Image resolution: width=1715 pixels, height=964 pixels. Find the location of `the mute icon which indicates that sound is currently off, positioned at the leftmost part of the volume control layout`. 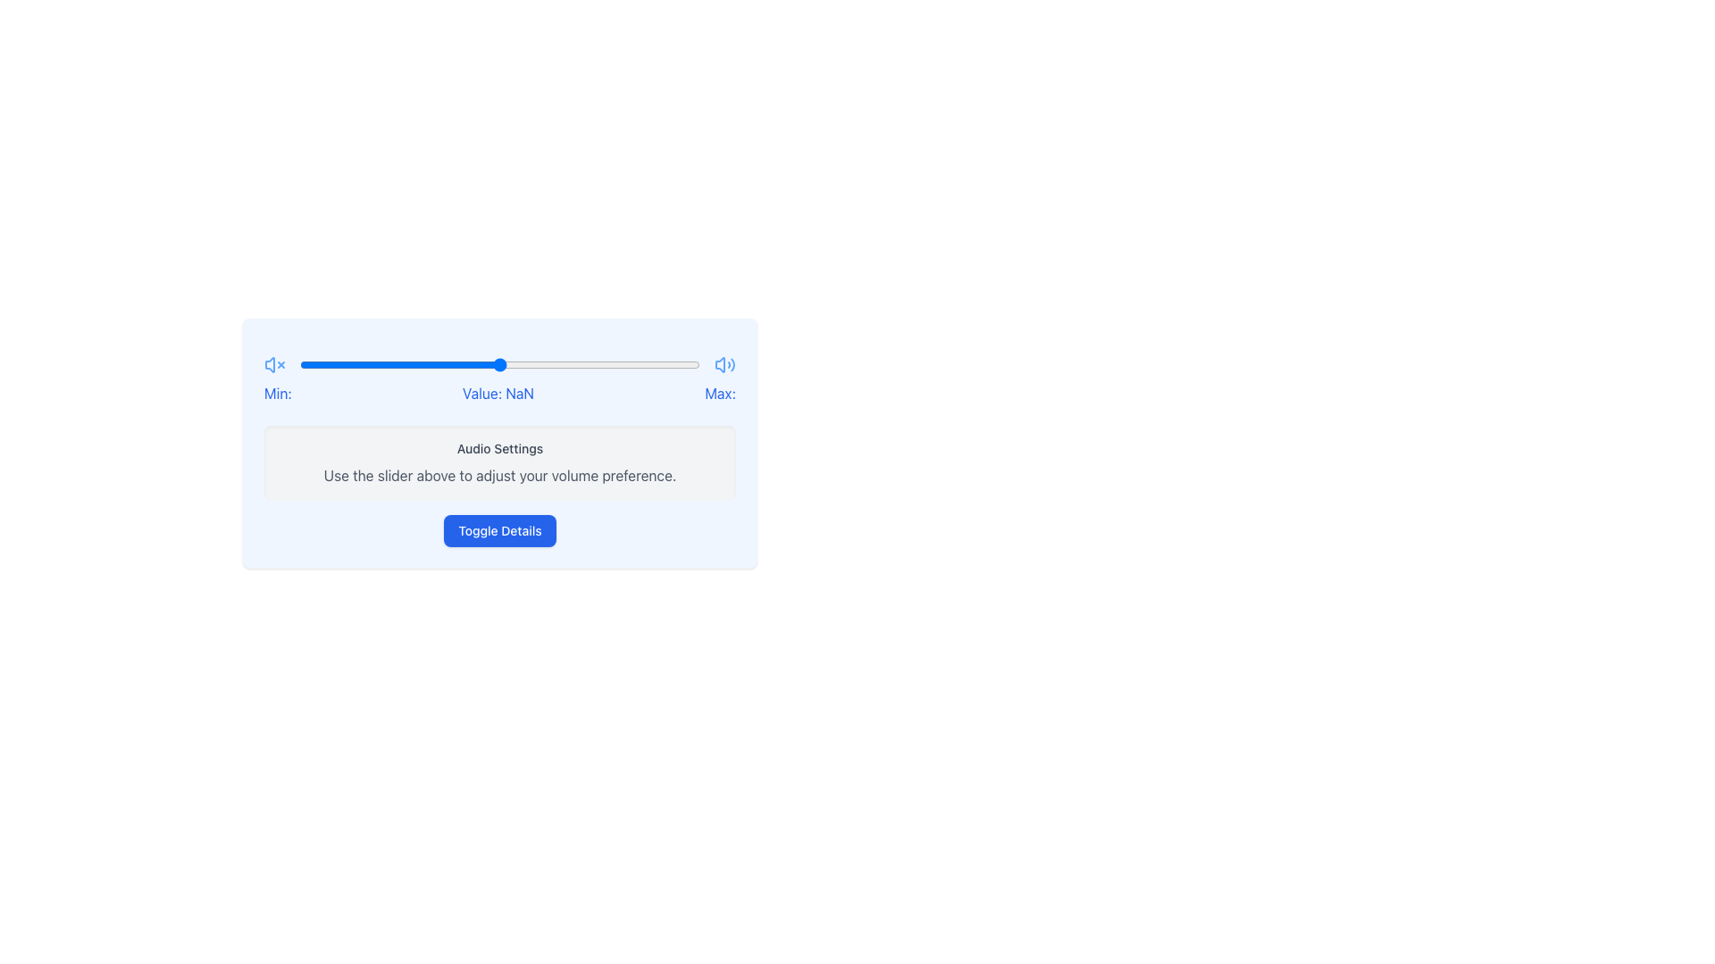

the mute icon which indicates that sound is currently off, positioned at the leftmost part of the volume control layout is located at coordinates (273, 363).